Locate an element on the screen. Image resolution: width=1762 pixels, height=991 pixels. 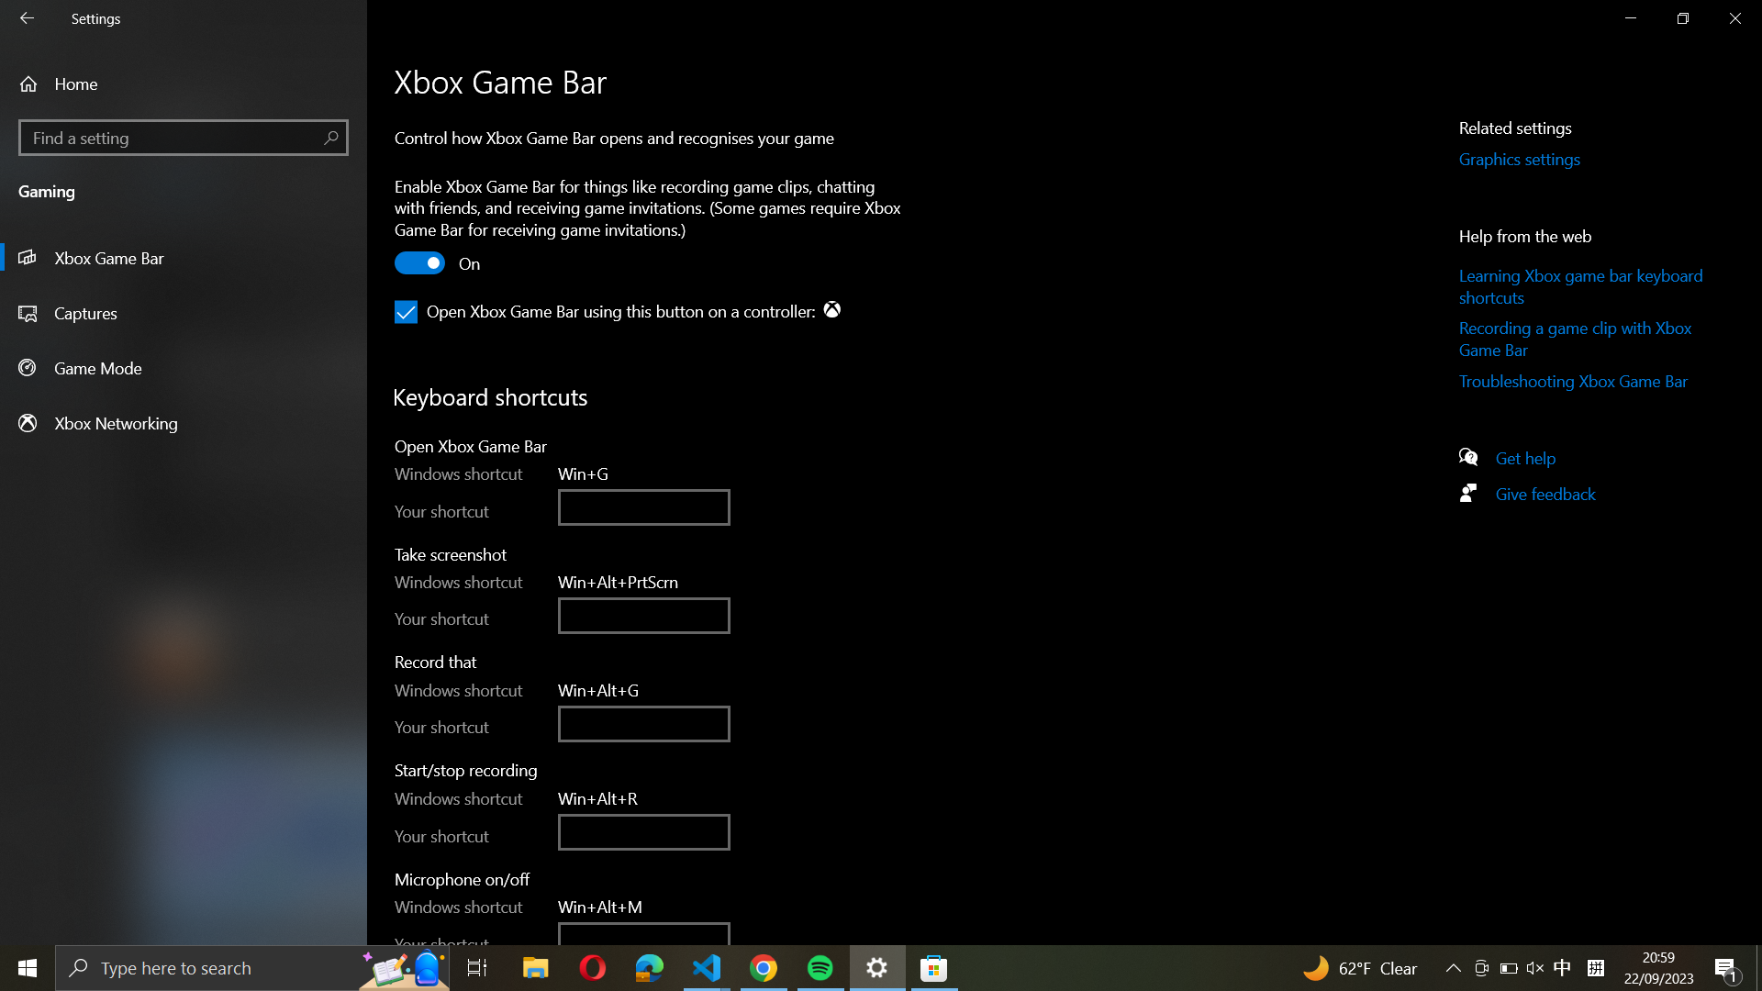
the main menu in settings by pressing on the home icon is located at coordinates (184, 84).